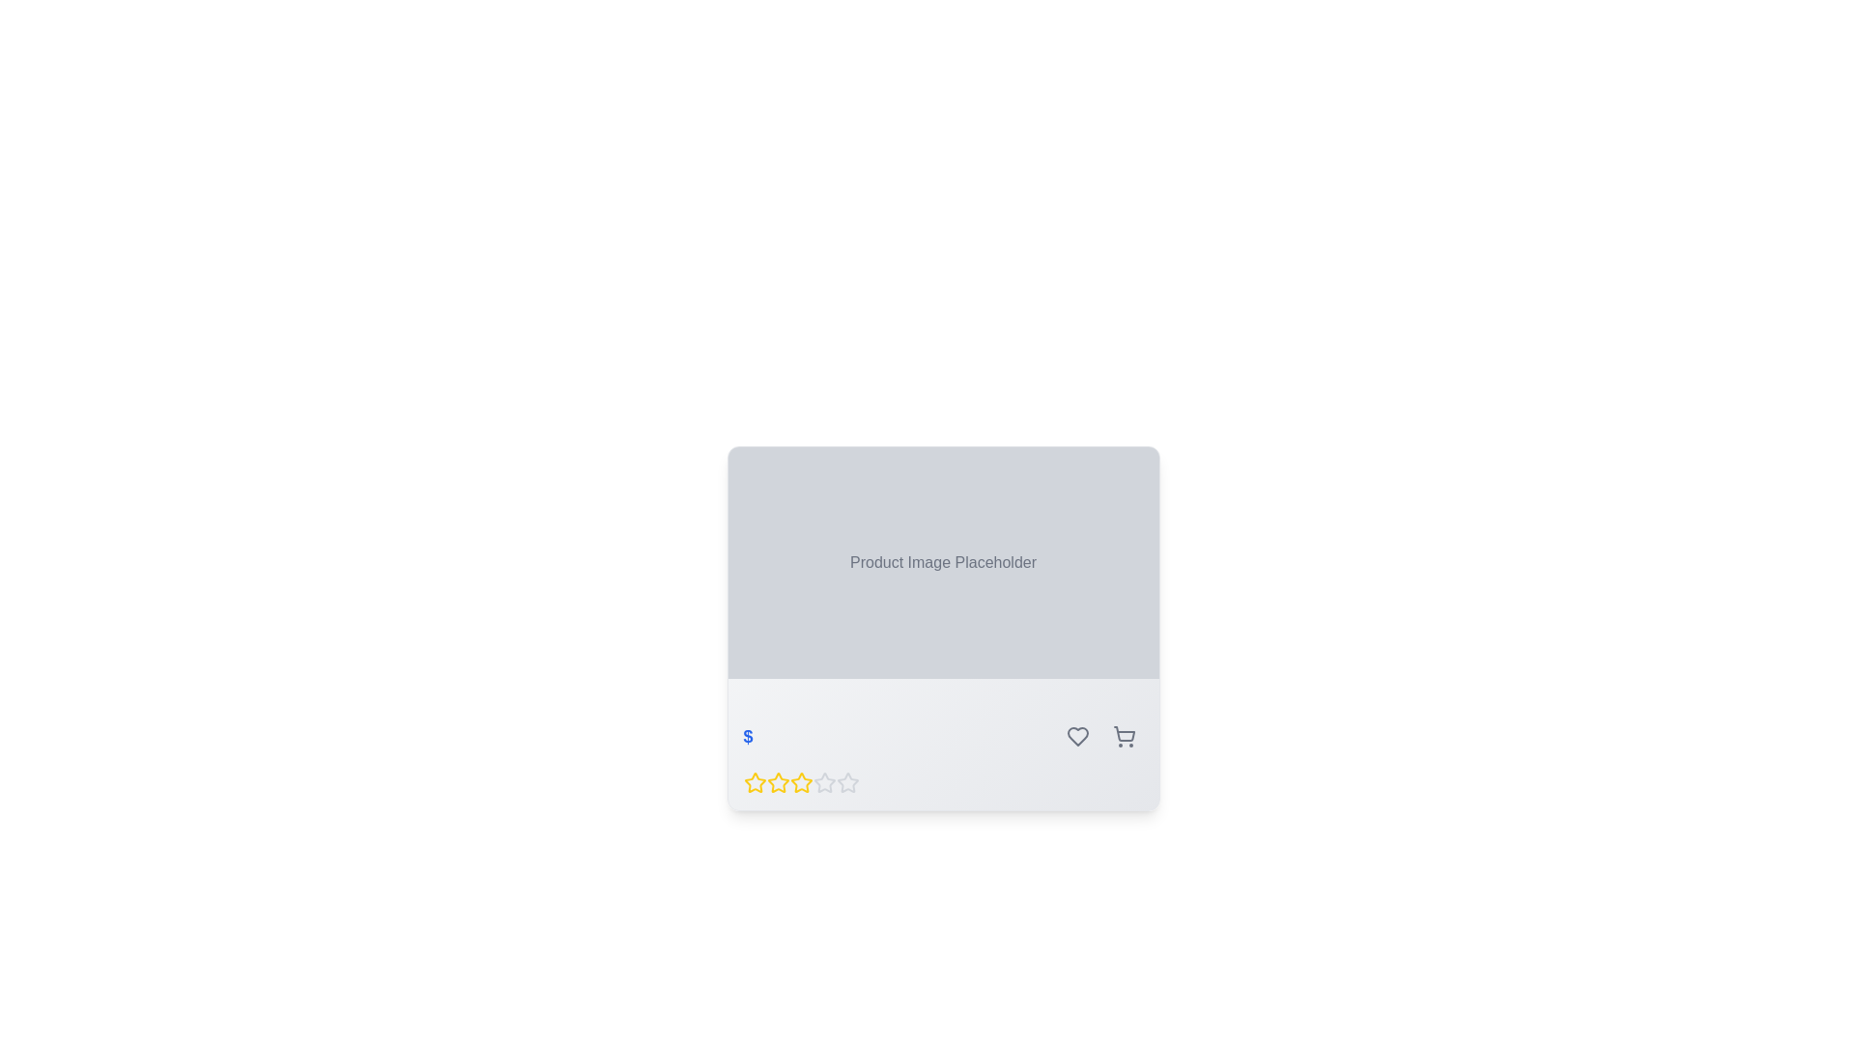  Describe the element at coordinates (1076, 737) in the screenshot. I see `the first icon button in the horizontal group of controls at the bottom-right section of the card layout` at that location.